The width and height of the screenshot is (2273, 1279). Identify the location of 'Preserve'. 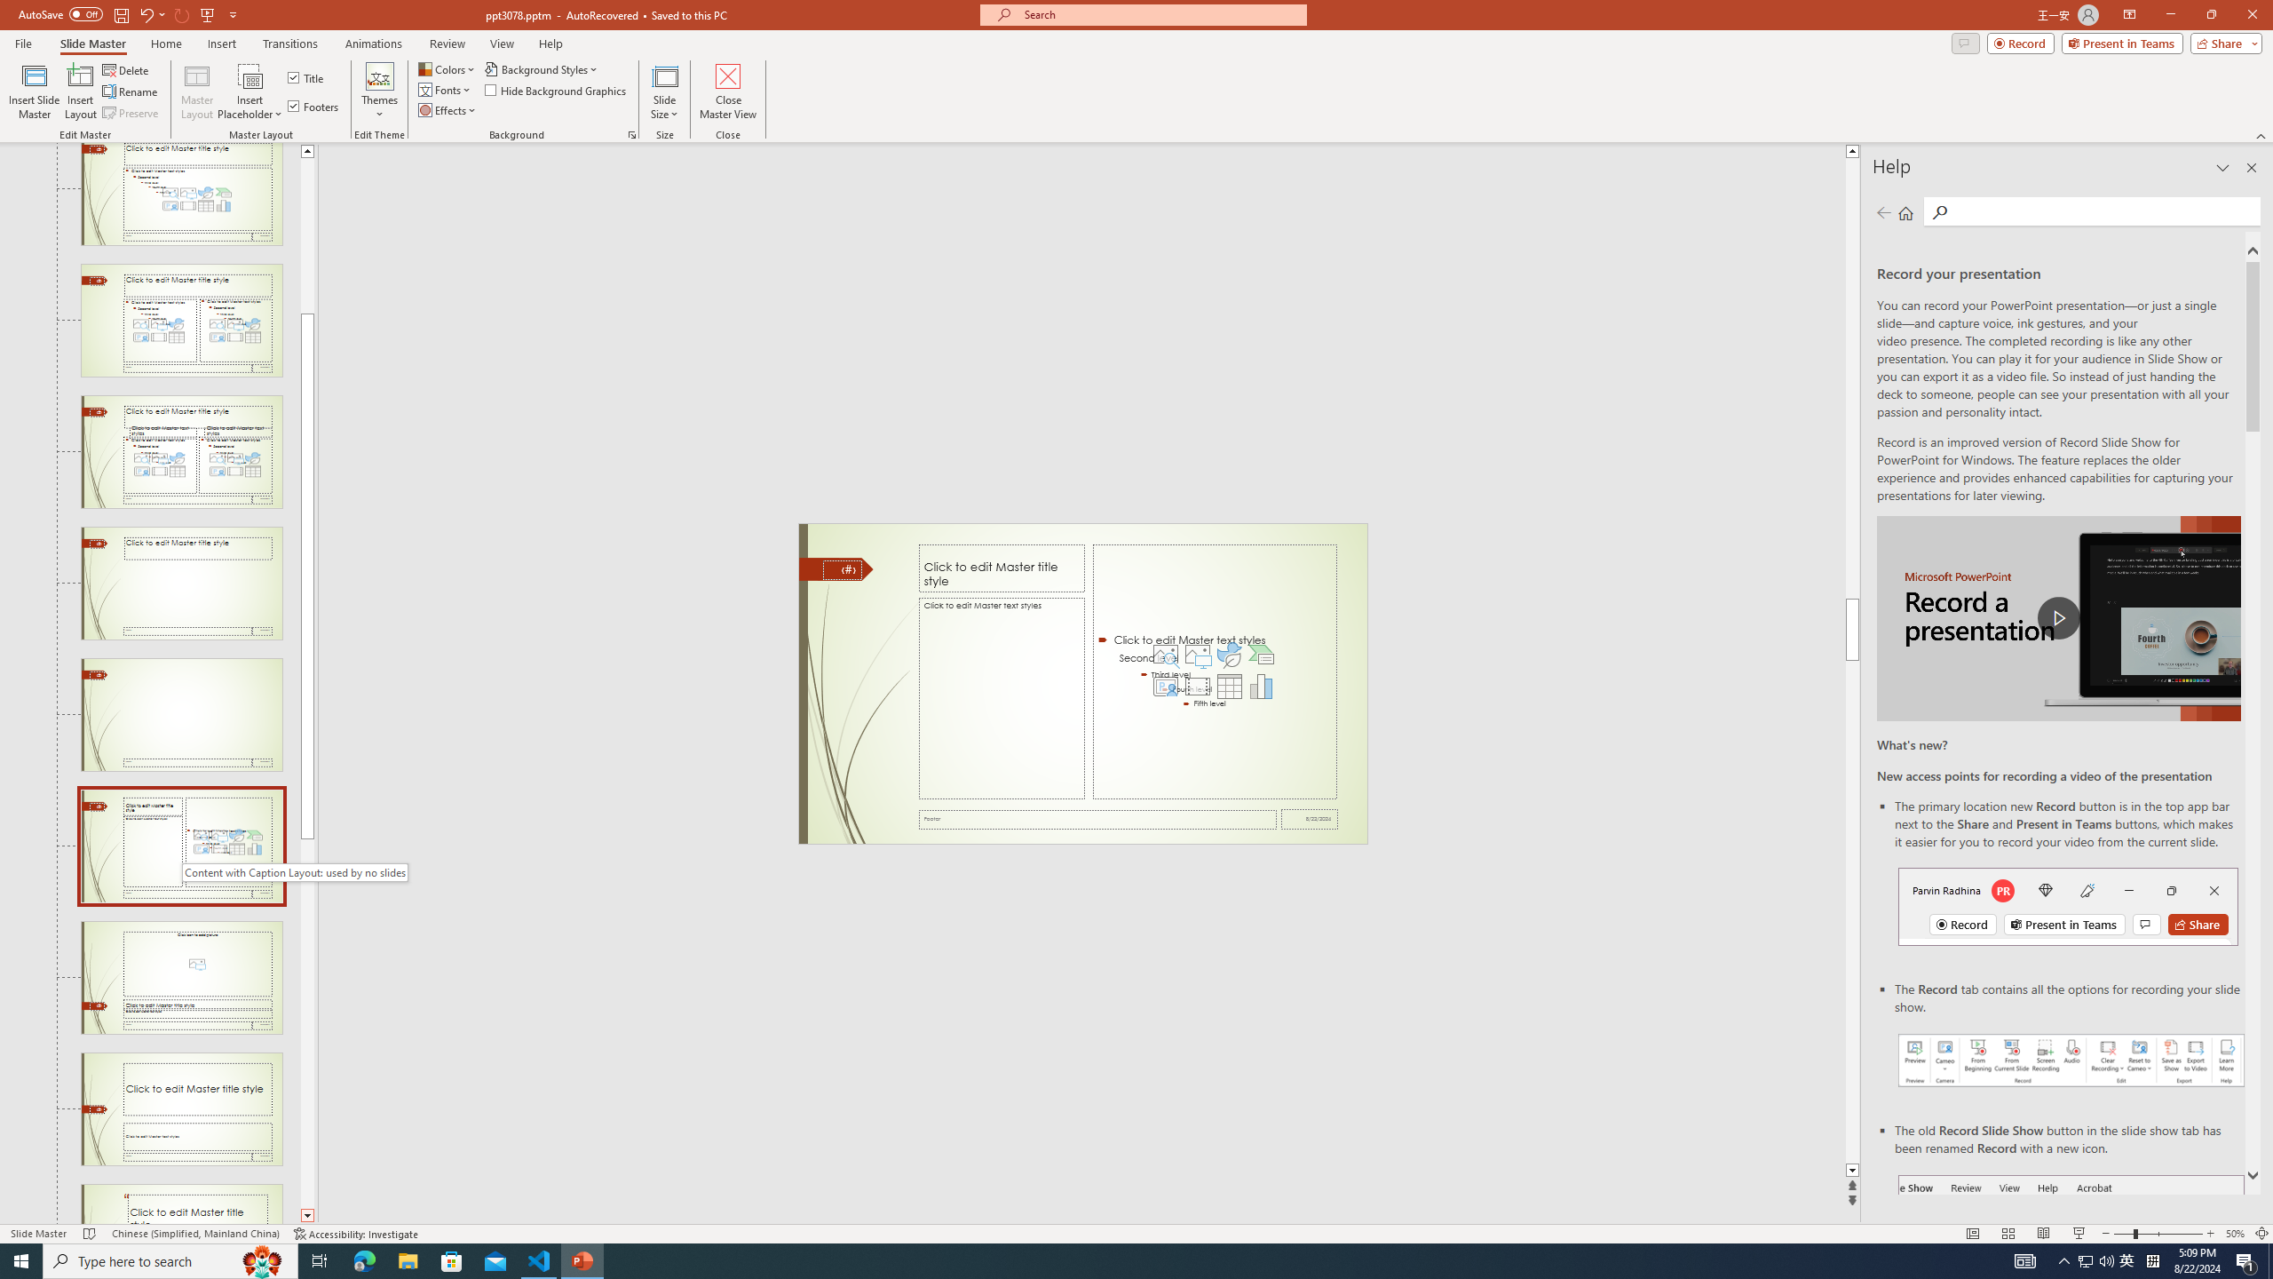
(131, 113).